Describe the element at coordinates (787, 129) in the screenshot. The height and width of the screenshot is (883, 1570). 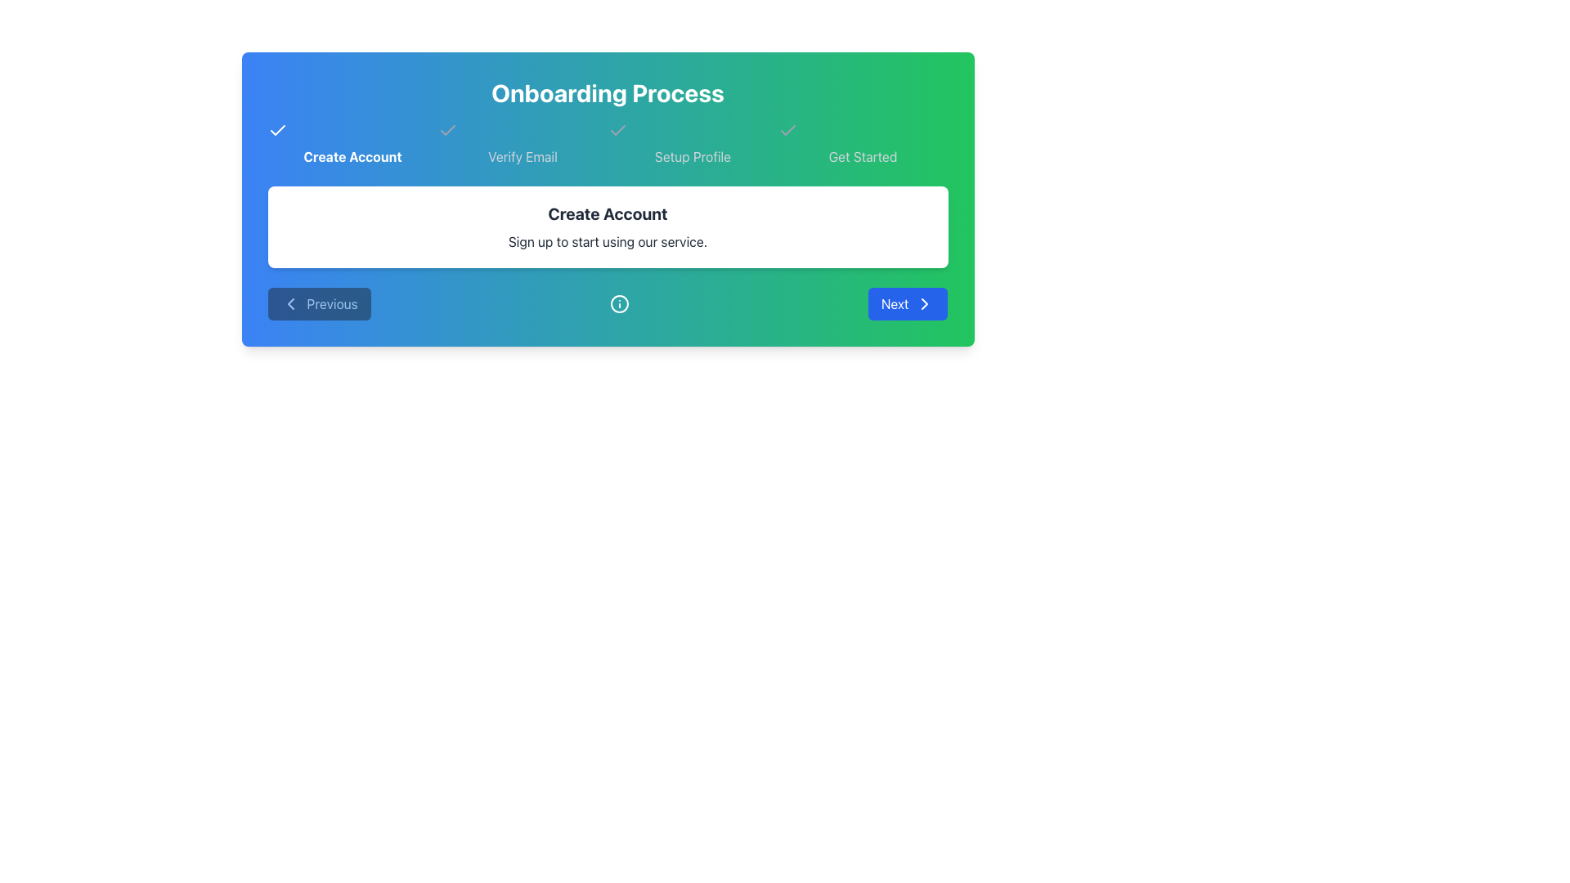
I see `the checkmark icon indicating progress or completion, located to the left of the 'Setup Profile' label in the 'Onboarding Process' header section` at that location.